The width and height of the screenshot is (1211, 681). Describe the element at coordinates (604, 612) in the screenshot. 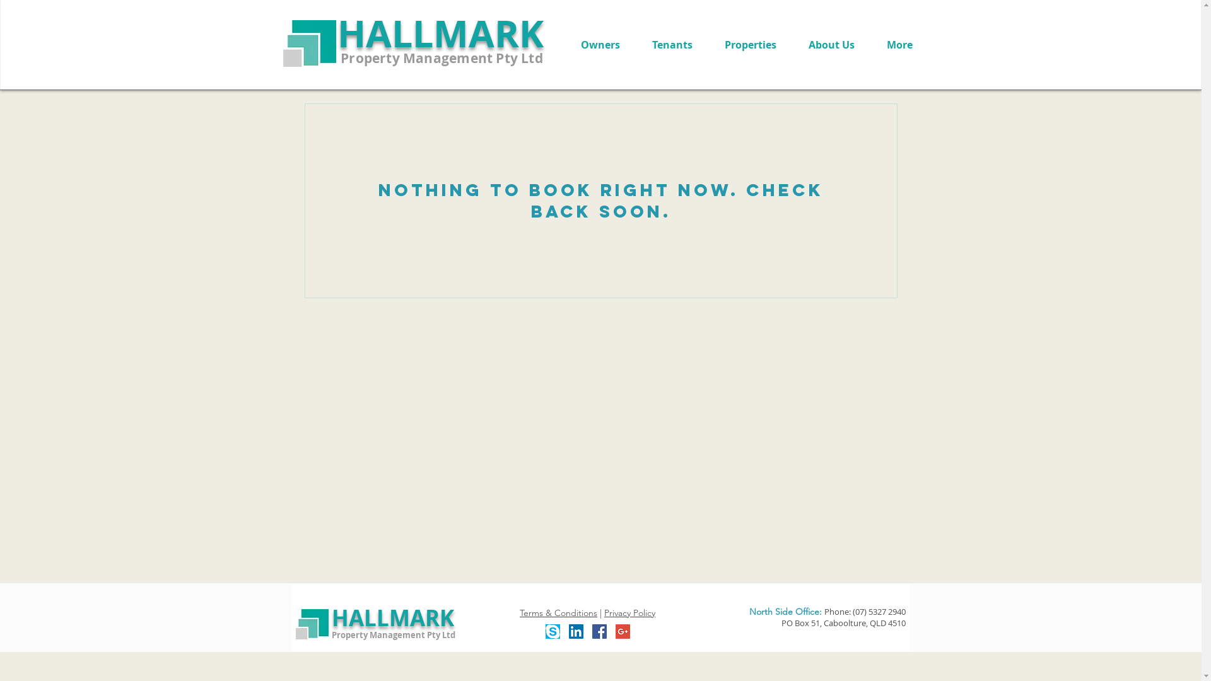

I see `'Privacy Policy'` at that location.